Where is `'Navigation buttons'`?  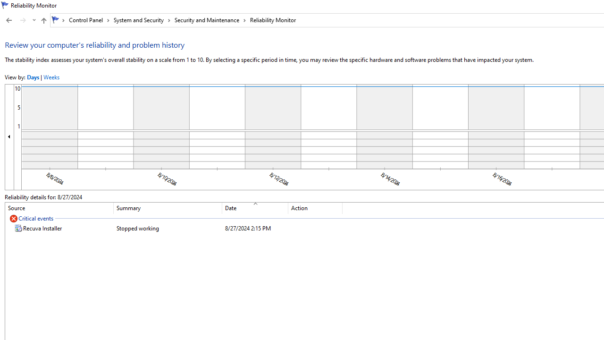
'Navigation buttons' is located at coordinates (20, 20).